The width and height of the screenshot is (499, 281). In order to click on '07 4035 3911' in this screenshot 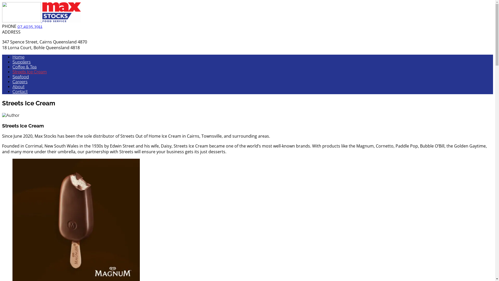, I will do `click(17, 26)`.